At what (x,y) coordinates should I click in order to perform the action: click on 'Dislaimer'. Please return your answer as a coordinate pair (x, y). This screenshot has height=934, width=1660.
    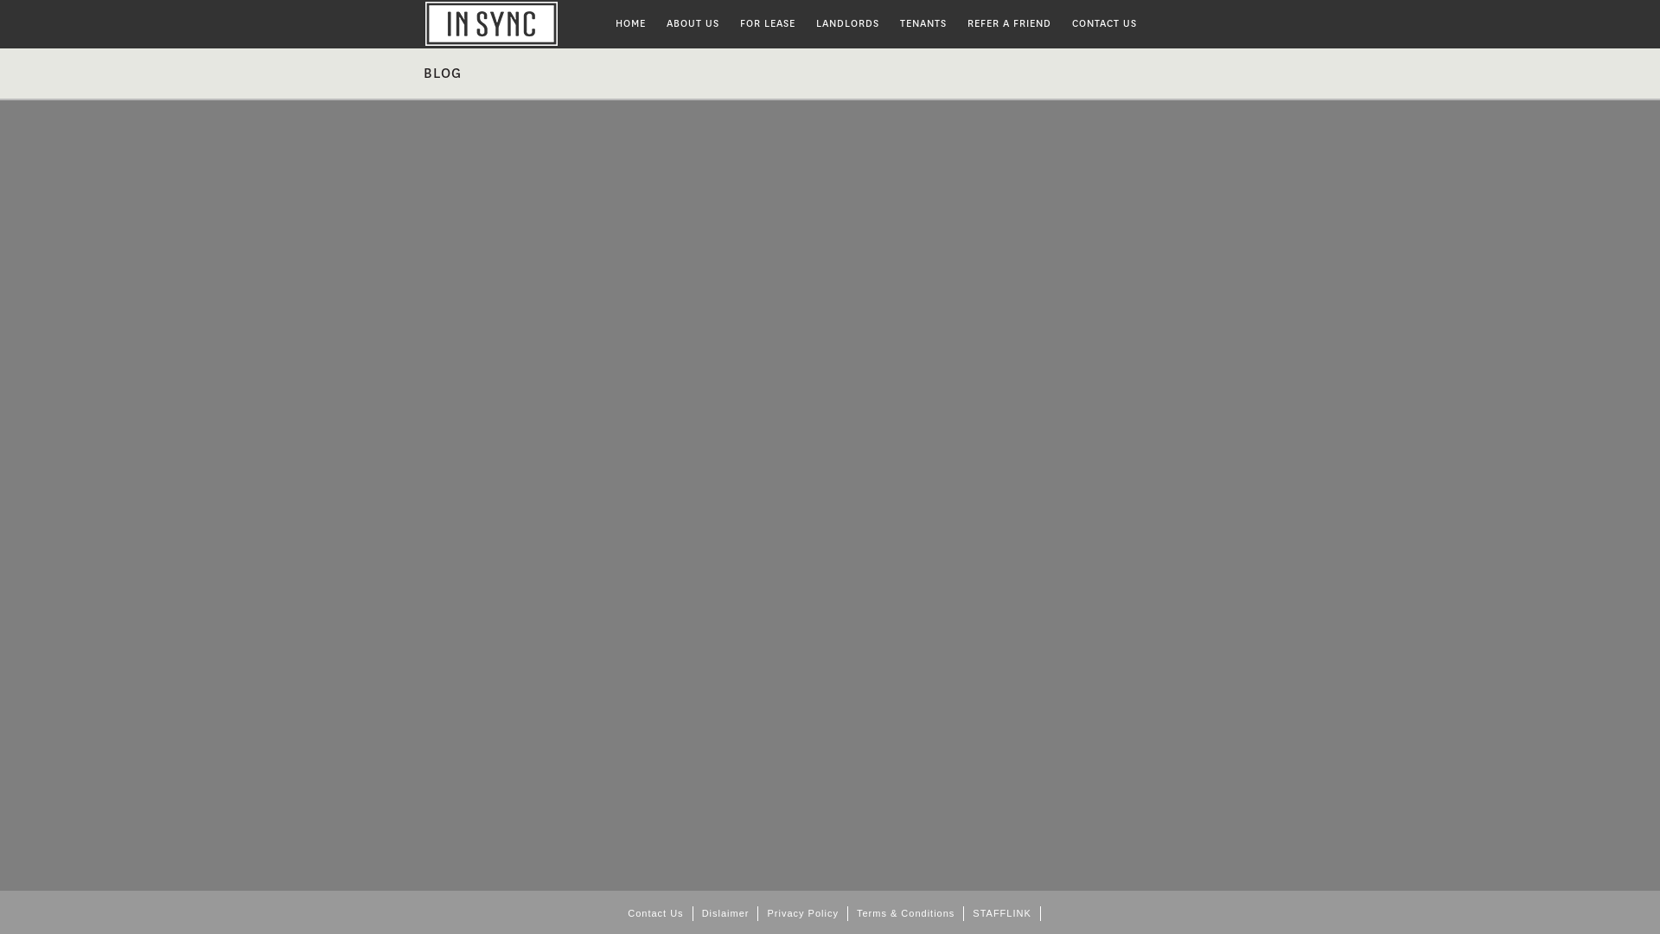
    Looking at the image, I should click on (726, 912).